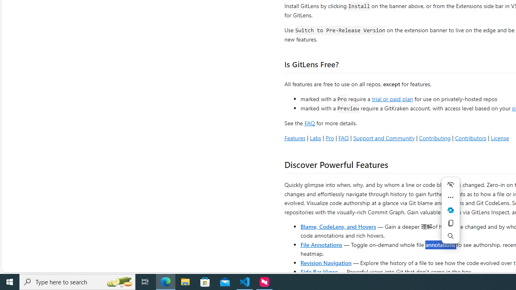  I want to click on 'Mini menu on text selection', so click(450, 215).